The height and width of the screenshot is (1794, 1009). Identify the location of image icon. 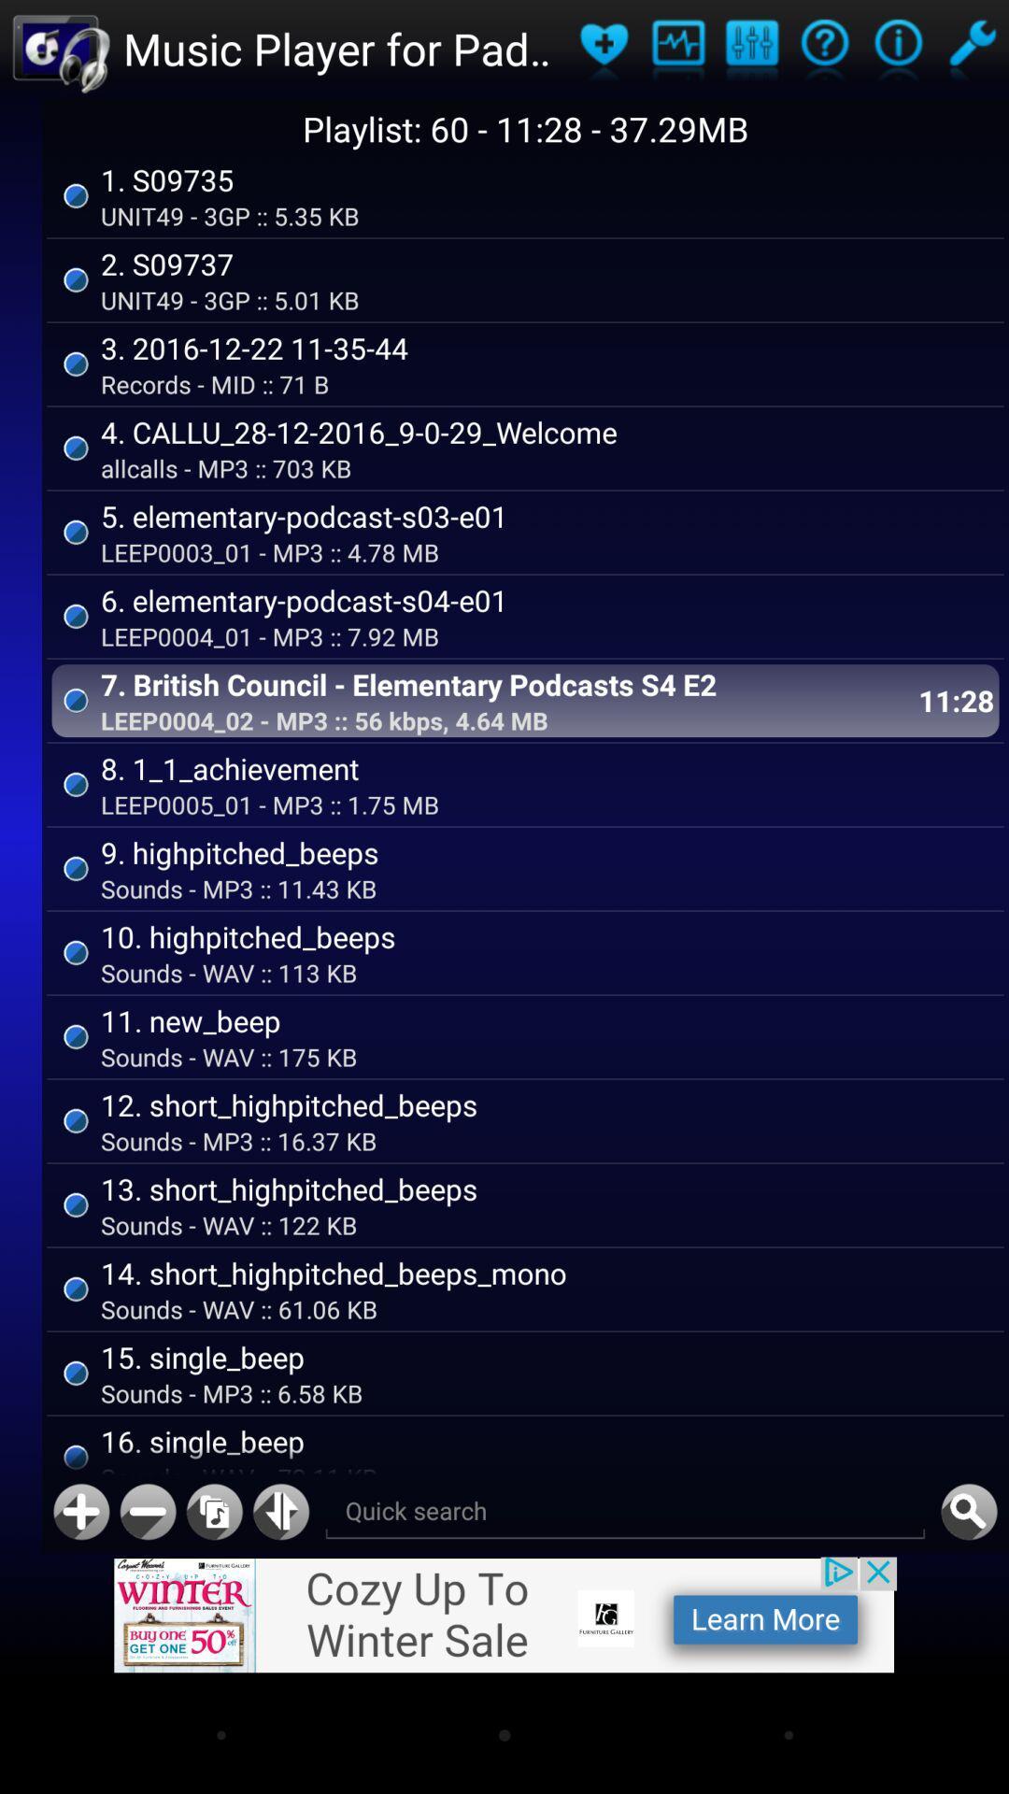
(504, 1614).